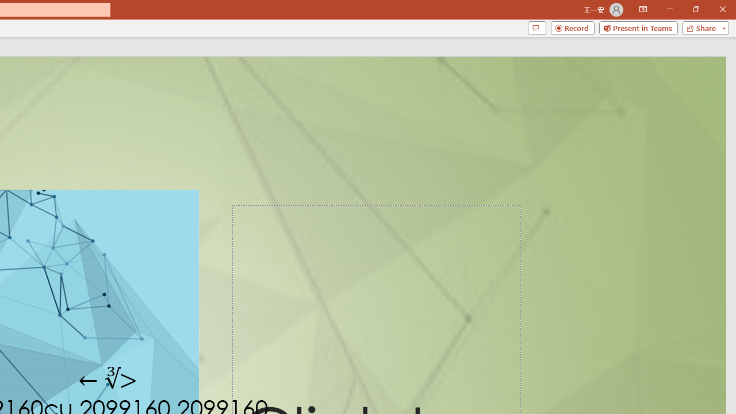 This screenshot has height=414, width=736. What do you see at coordinates (695, 9) in the screenshot?
I see `'Restore Down'` at bounding box center [695, 9].